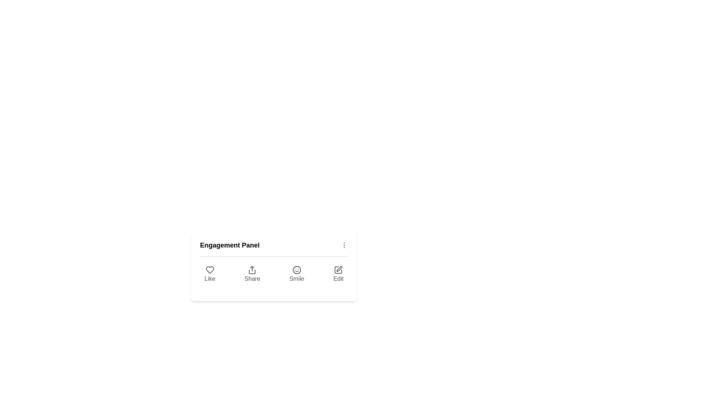  Describe the element at coordinates (338, 274) in the screenshot. I see `the 'Edit' button, which features a pen icon above the text, located in the Engagement Panel as the fourth option` at that location.